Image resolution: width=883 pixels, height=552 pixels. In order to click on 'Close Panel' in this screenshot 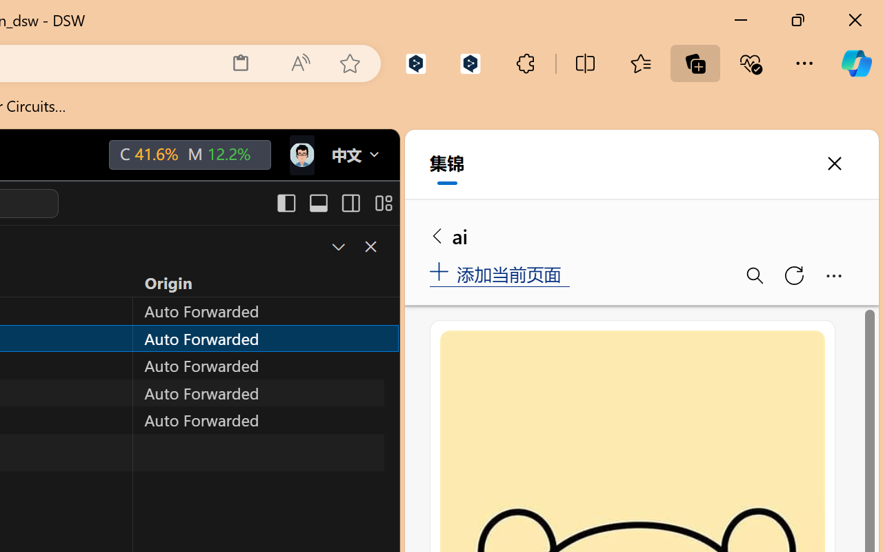, I will do `click(370, 246)`.